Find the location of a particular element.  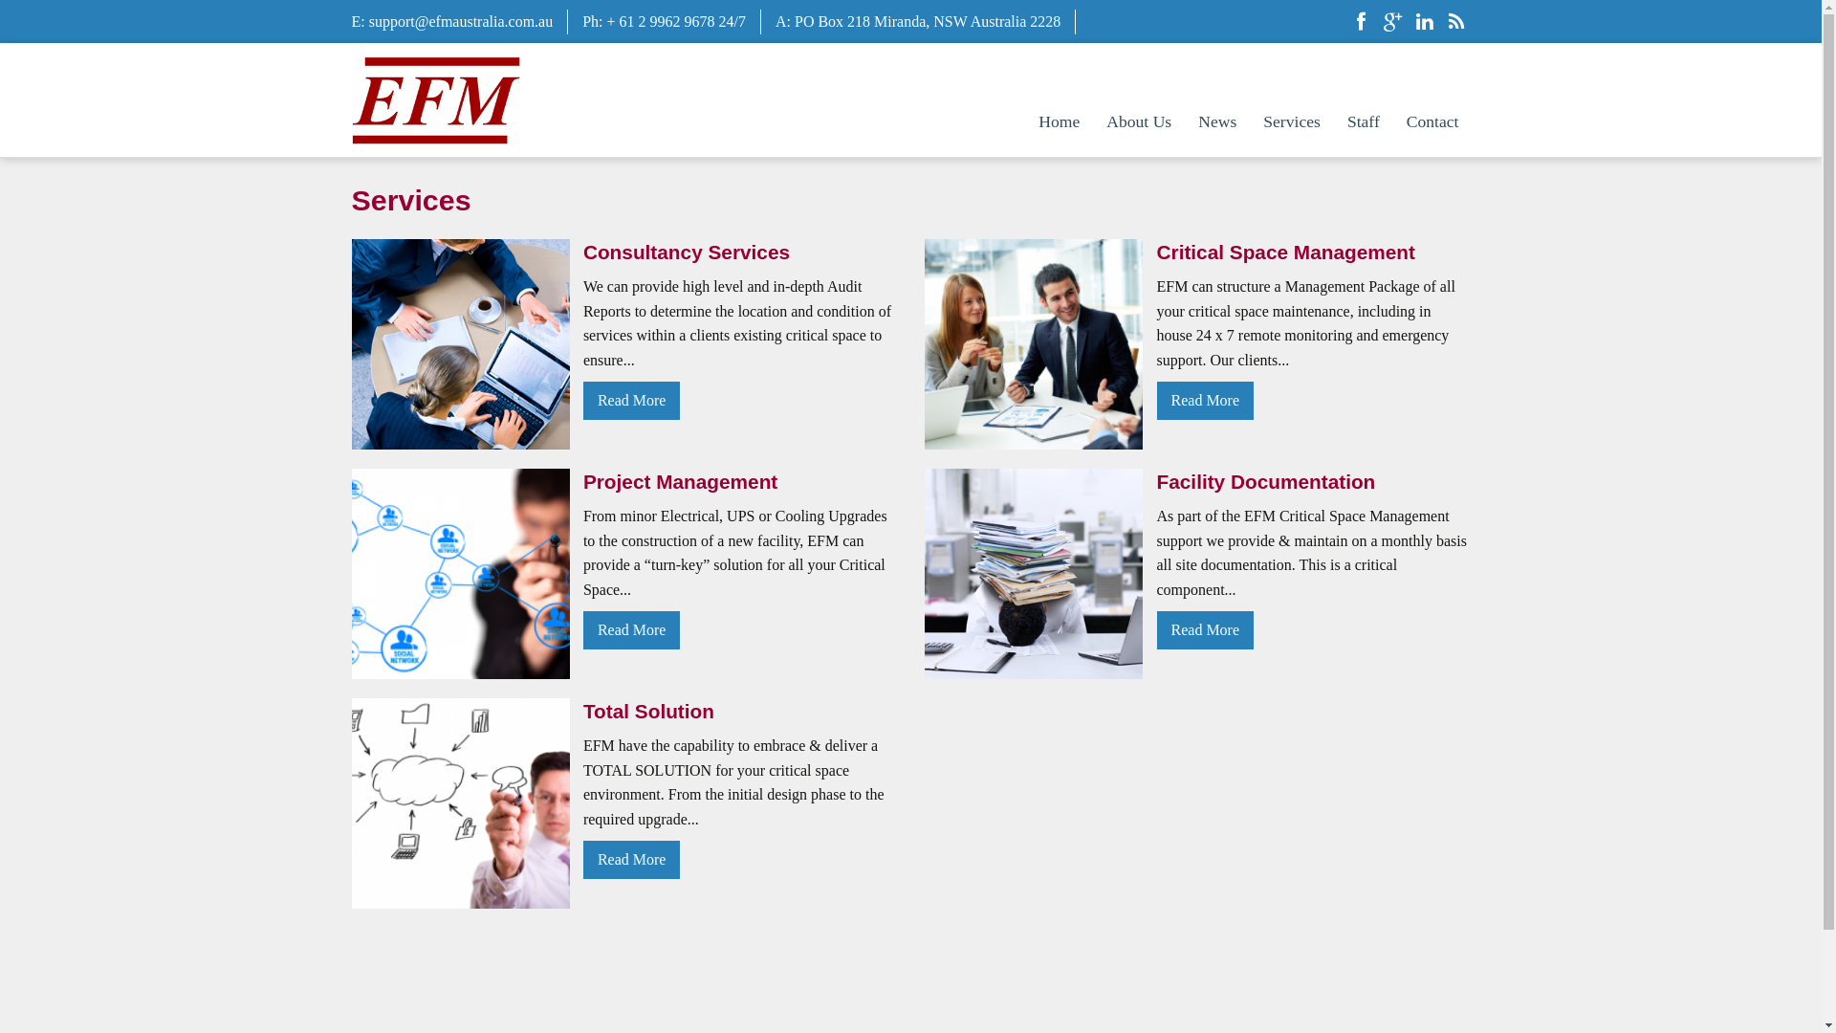

'Ph: + 61 2 9962 9678 24/7' is located at coordinates (664, 21).